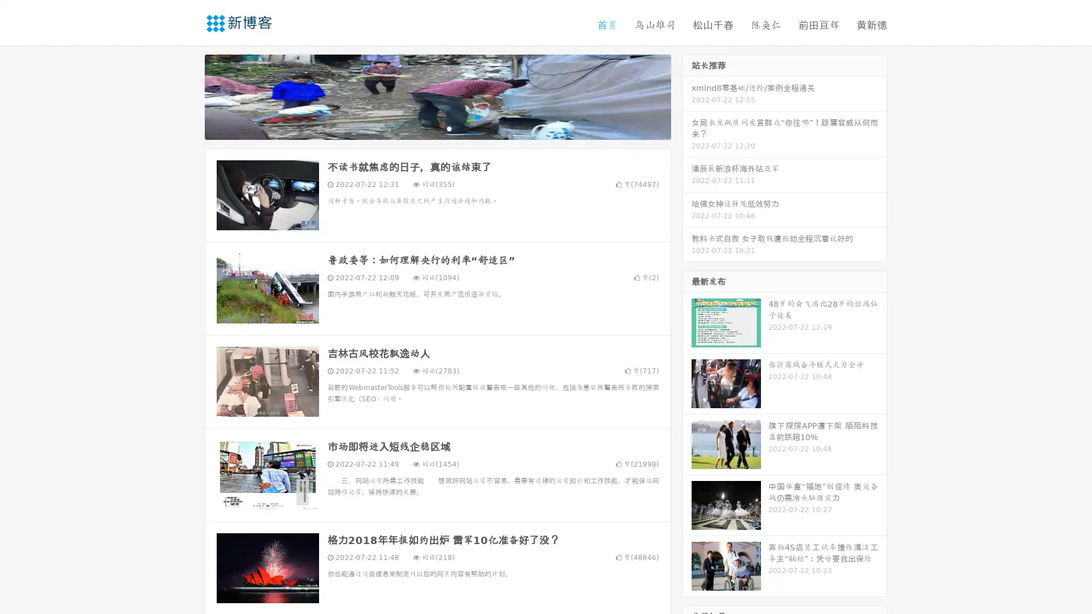 The height and width of the screenshot is (614, 1092). What do you see at coordinates (449, 128) in the screenshot?
I see `Go to slide 3` at bounding box center [449, 128].